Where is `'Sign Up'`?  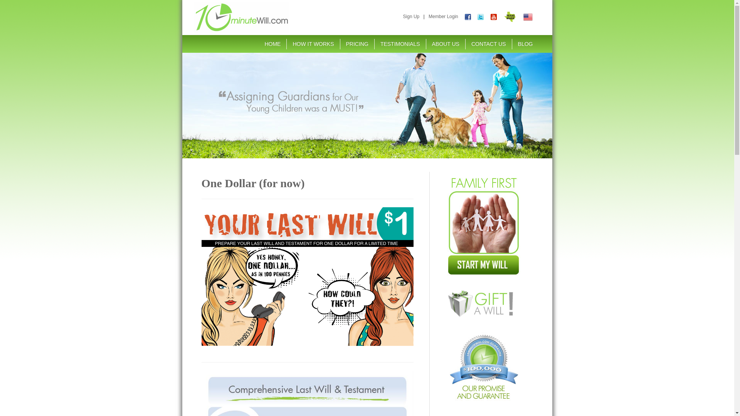
'Sign Up' is located at coordinates (403, 16).